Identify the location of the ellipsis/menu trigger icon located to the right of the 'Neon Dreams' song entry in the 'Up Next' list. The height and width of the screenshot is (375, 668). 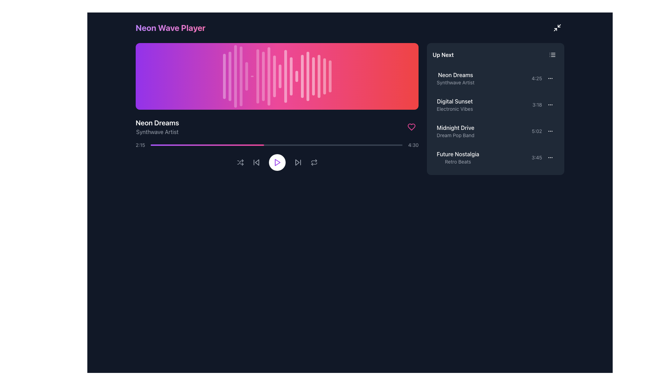
(550, 78).